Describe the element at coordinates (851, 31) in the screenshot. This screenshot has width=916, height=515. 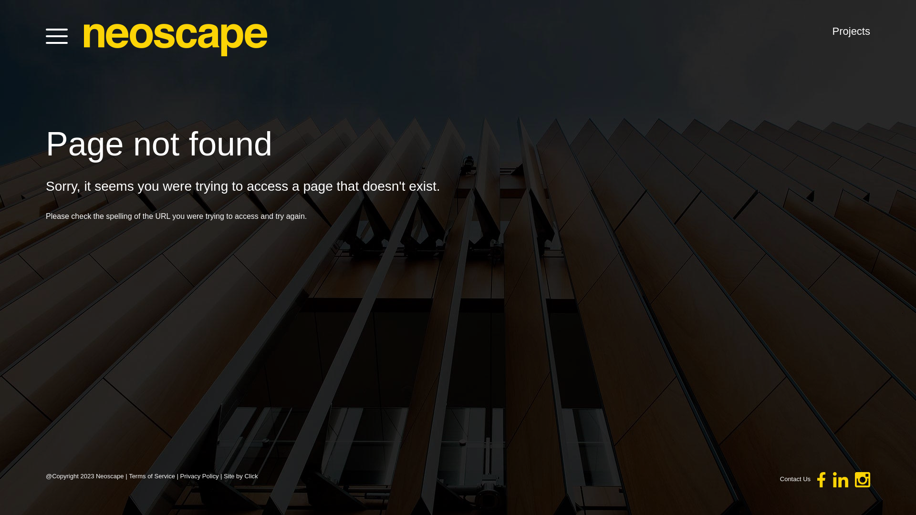
I see `'Projects'` at that location.